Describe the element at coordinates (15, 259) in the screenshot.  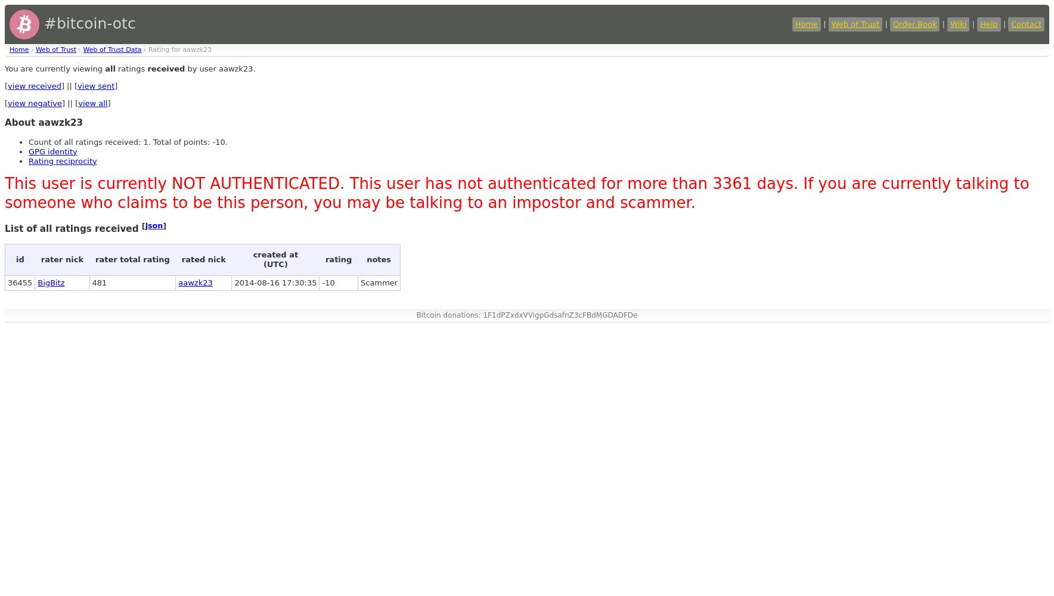
I see `'id'` at that location.